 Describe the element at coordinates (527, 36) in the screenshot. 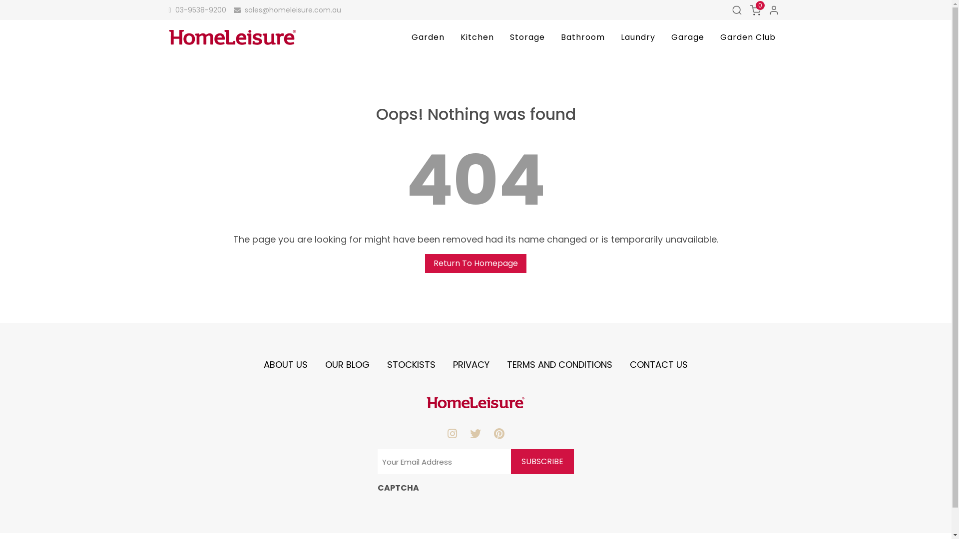

I see `'Storage'` at that location.